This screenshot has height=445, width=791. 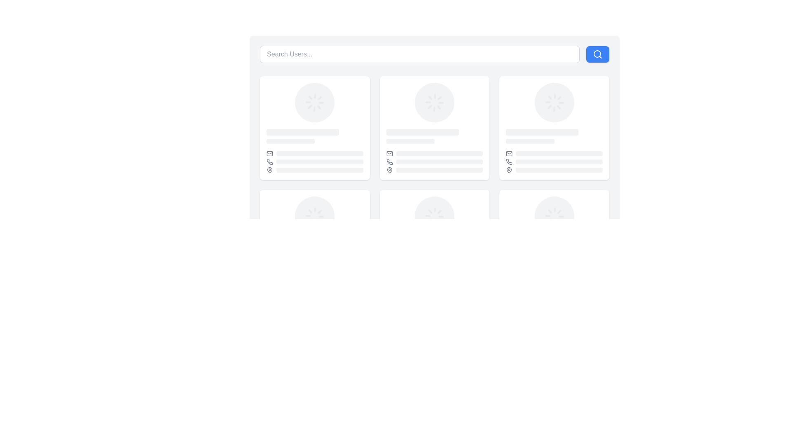 I want to click on the center-aligned circular loader (spinner) located in the second column of the top row among three cards to indicate that a process is ongoing, so click(x=434, y=102).